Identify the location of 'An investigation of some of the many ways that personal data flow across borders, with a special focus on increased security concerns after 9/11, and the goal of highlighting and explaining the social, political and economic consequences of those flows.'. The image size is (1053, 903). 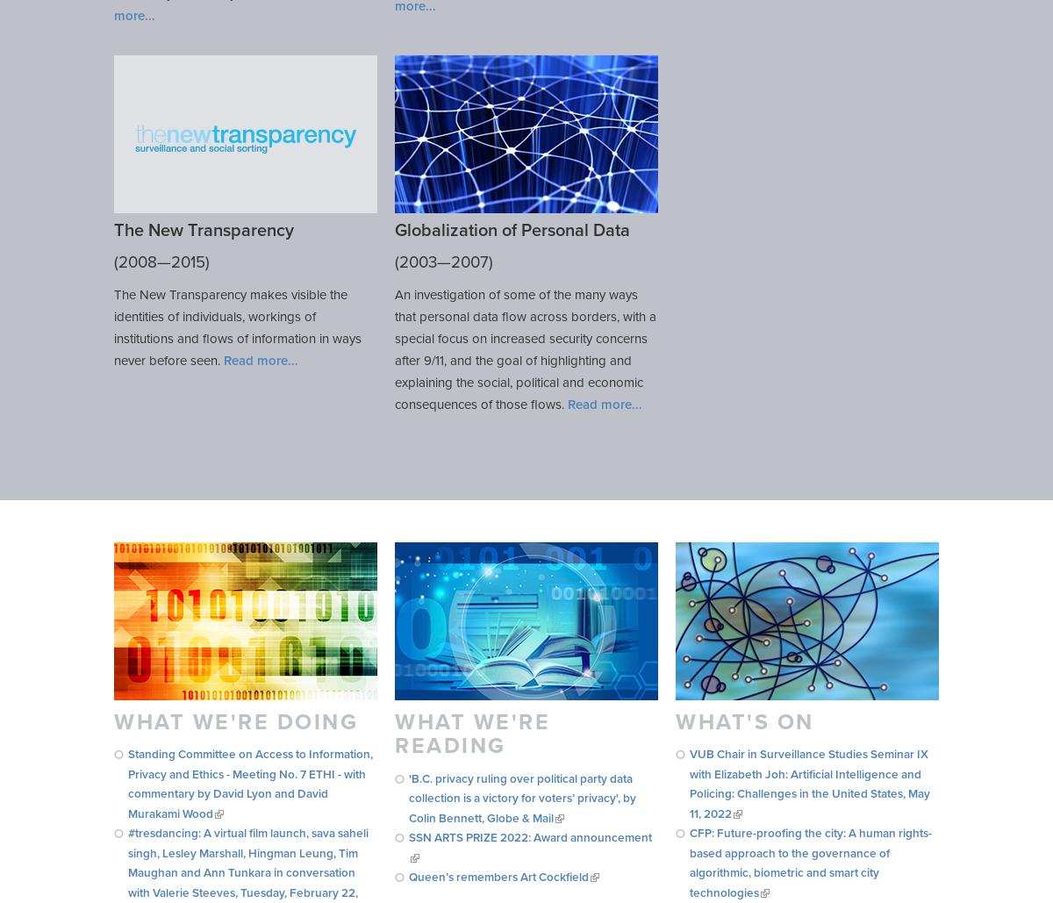
(395, 348).